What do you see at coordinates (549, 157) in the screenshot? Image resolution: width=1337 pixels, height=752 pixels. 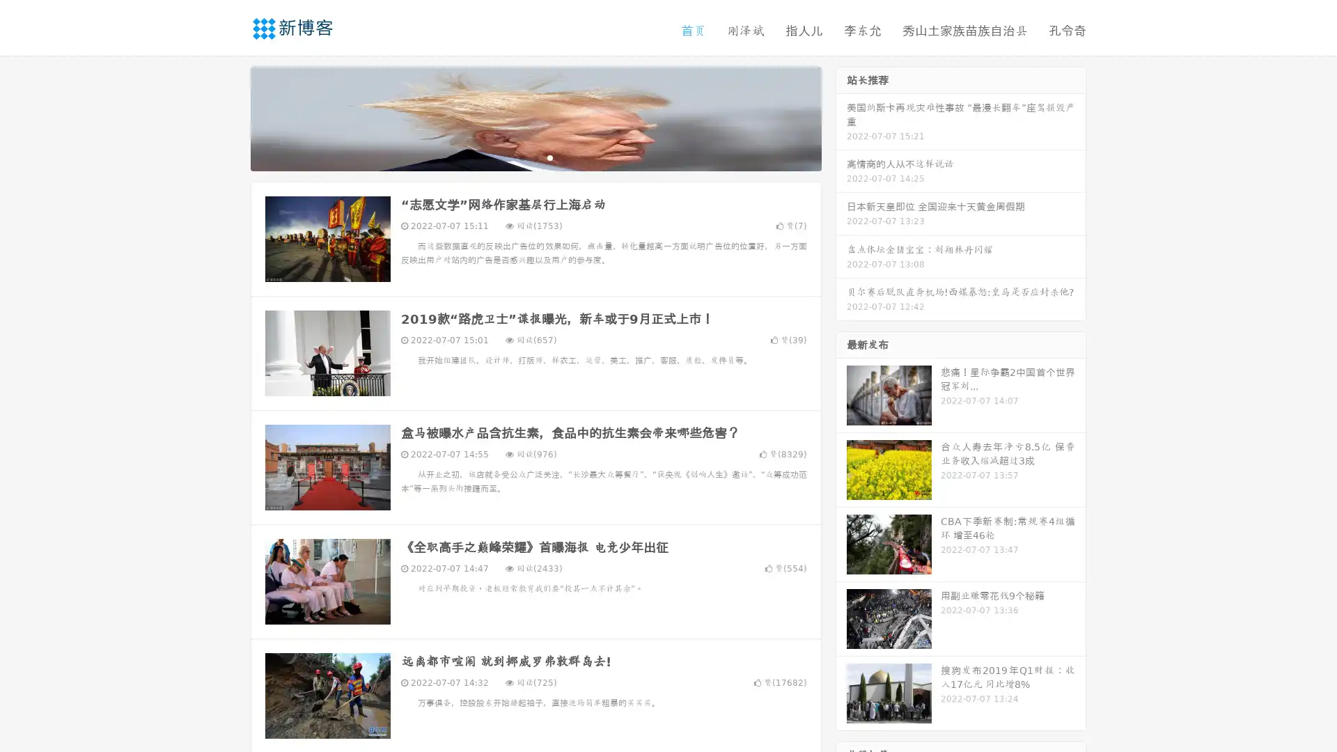 I see `Go to slide 3` at bounding box center [549, 157].